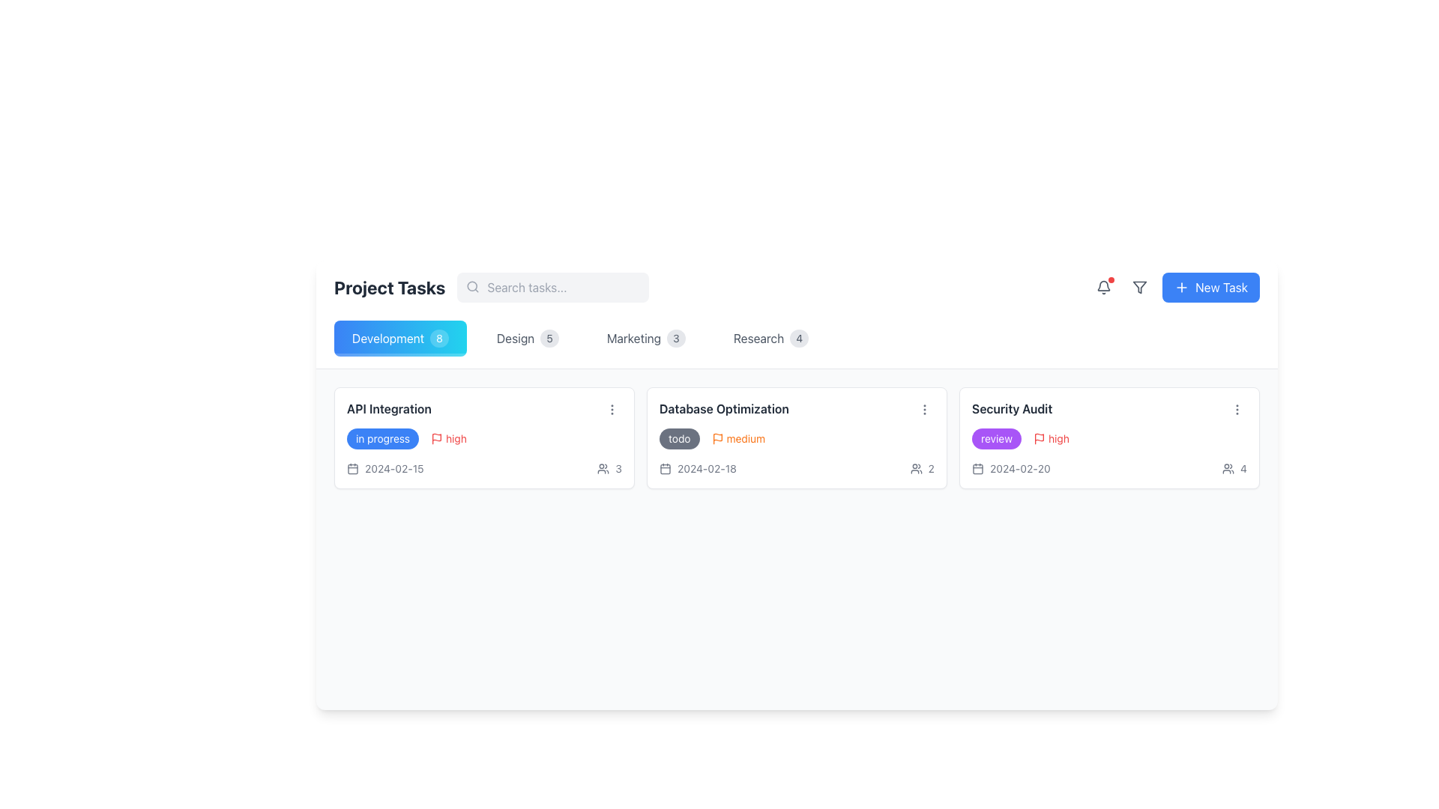 The width and height of the screenshot is (1439, 809). I want to click on the due date text with icon located in the lower section of the 'API Integration' project task card, situated to the right of the calendar icon and above the user counter, so click(385, 467).